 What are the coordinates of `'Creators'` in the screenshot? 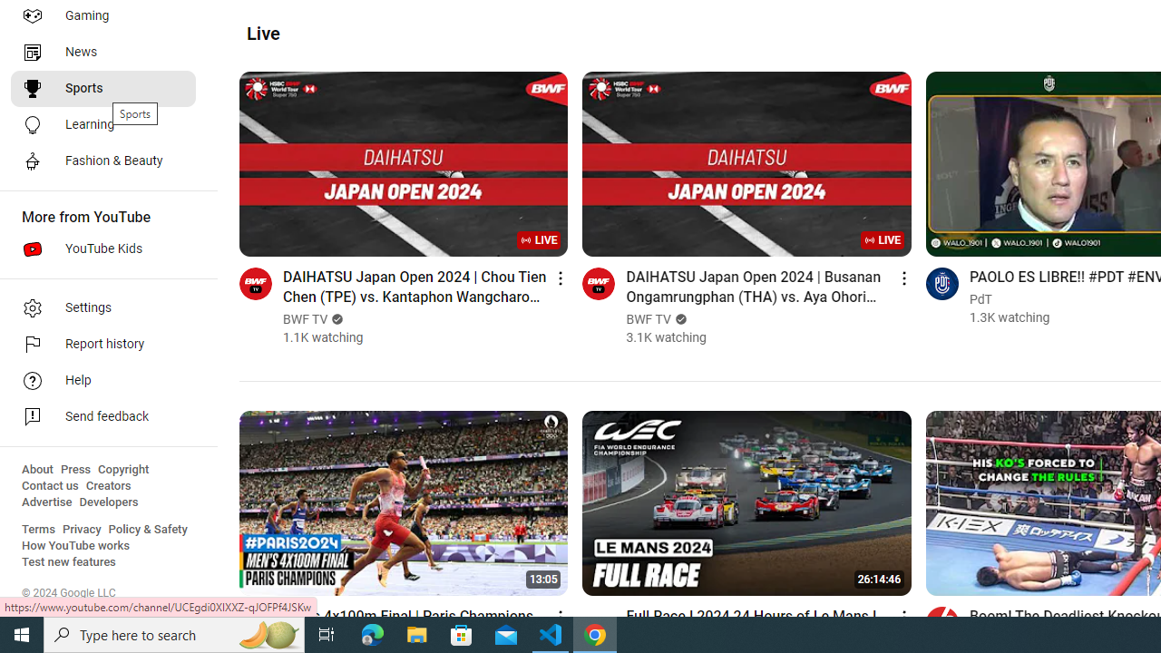 It's located at (107, 485).